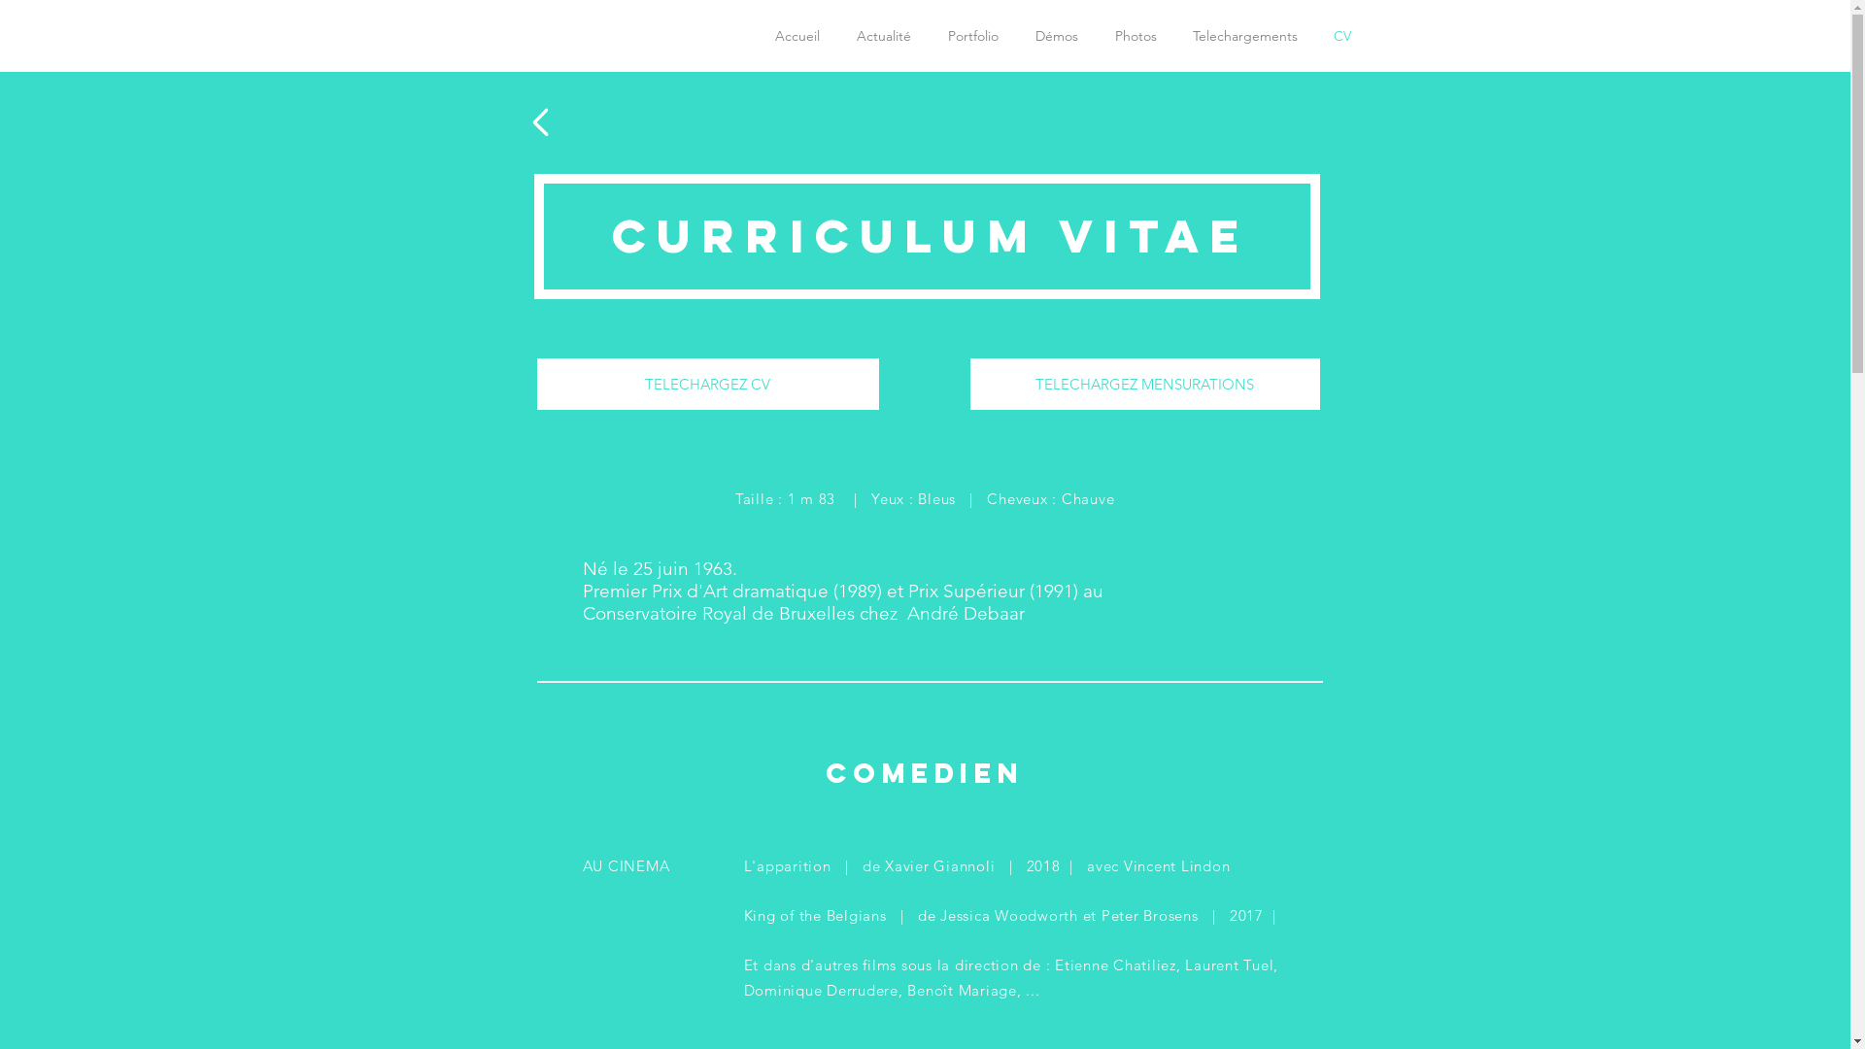  What do you see at coordinates (797, 36) in the screenshot?
I see `'Accueil'` at bounding box center [797, 36].